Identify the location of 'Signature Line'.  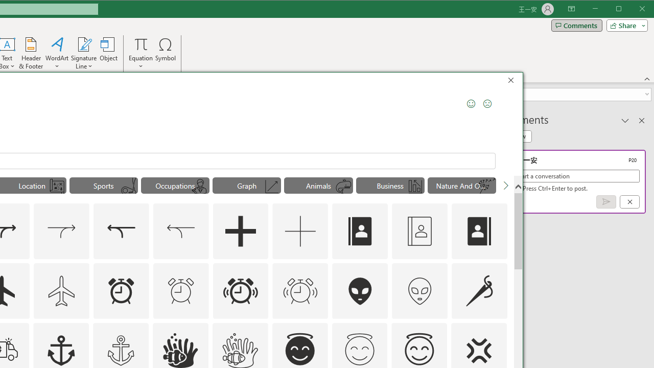
(84, 43).